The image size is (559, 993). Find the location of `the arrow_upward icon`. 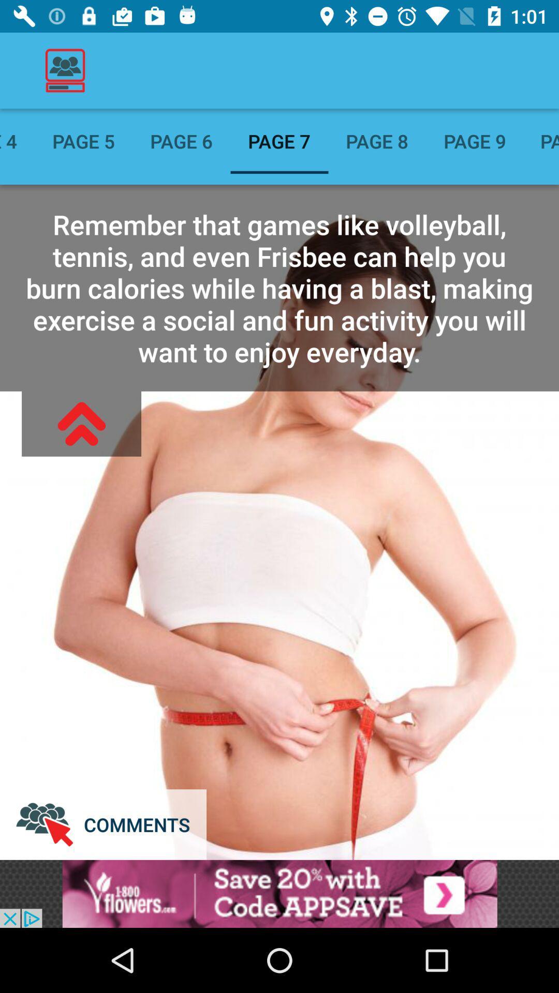

the arrow_upward icon is located at coordinates (81, 424).